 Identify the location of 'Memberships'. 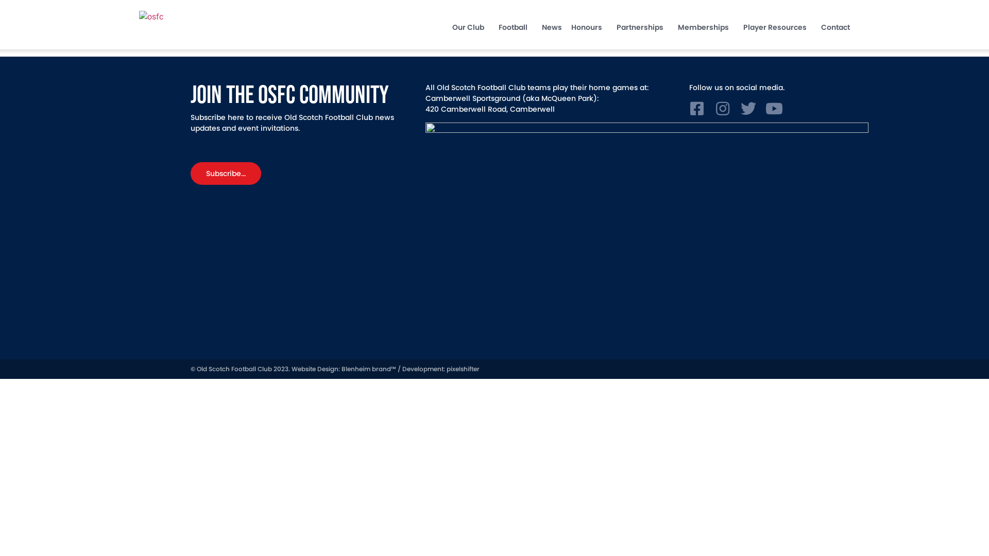
(705, 27).